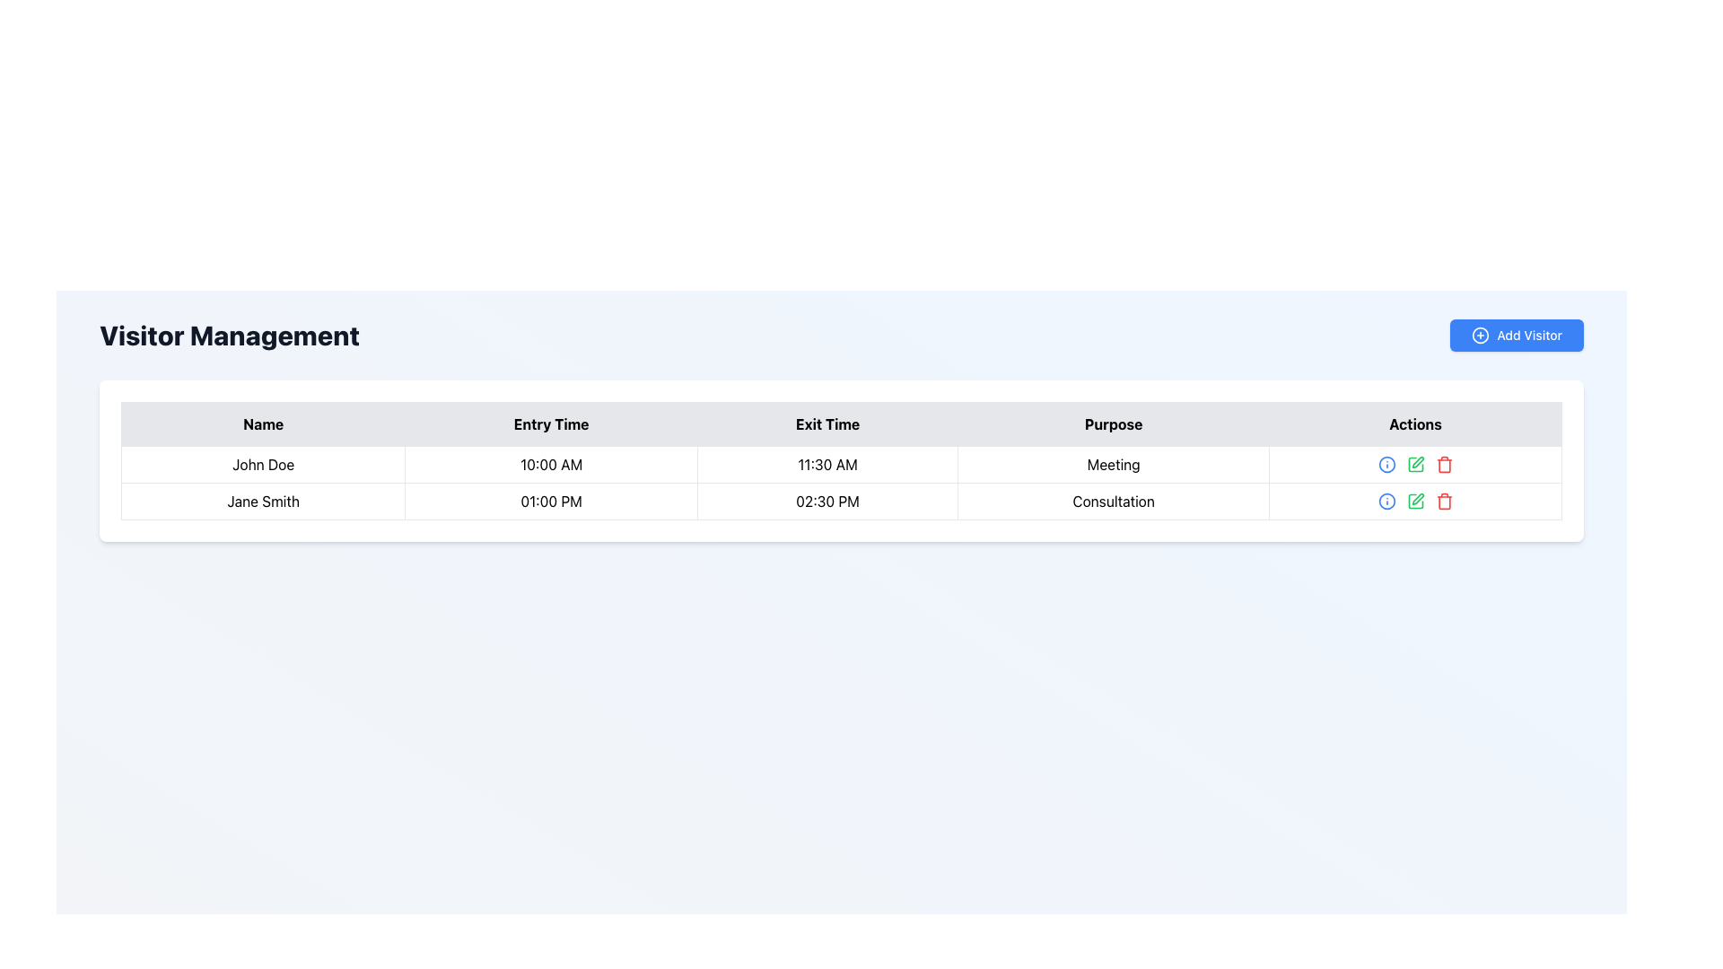 The image size is (1723, 969). Describe the element at coordinates (1113, 502) in the screenshot. I see `the 'Consultation' text label in the 'Purpose' column of the second row associated with visitor 'Jane Smith.'` at that location.